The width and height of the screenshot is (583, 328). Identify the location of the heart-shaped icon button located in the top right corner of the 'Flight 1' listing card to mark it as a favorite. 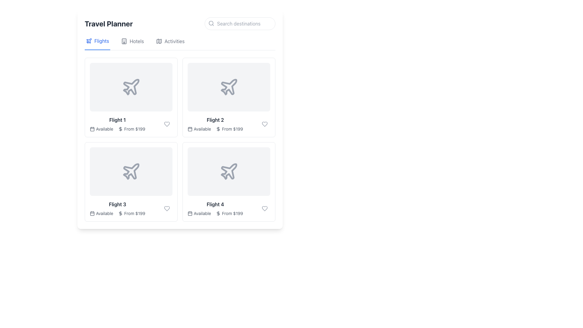
(167, 124).